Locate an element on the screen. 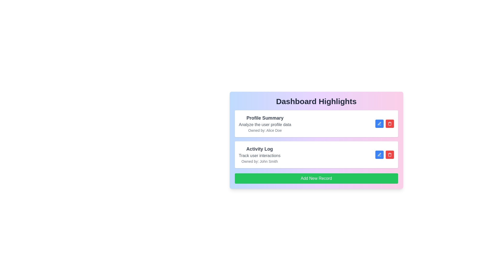  the 'Profile Summary' text label, which is bold and grayish-blue, located at the top-left corner of its card-like structure within the white background area is located at coordinates (265, 118).